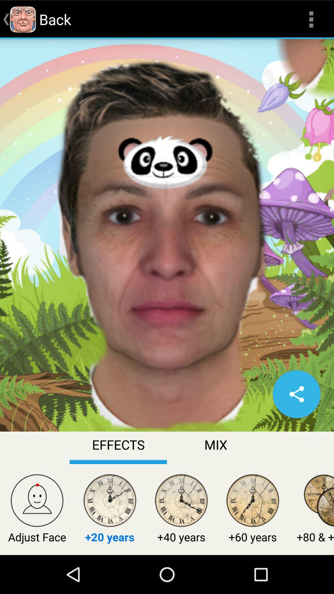 The height and width of the screenshot is (594, 334). I want to click on refresh the page, so click(296, 394).